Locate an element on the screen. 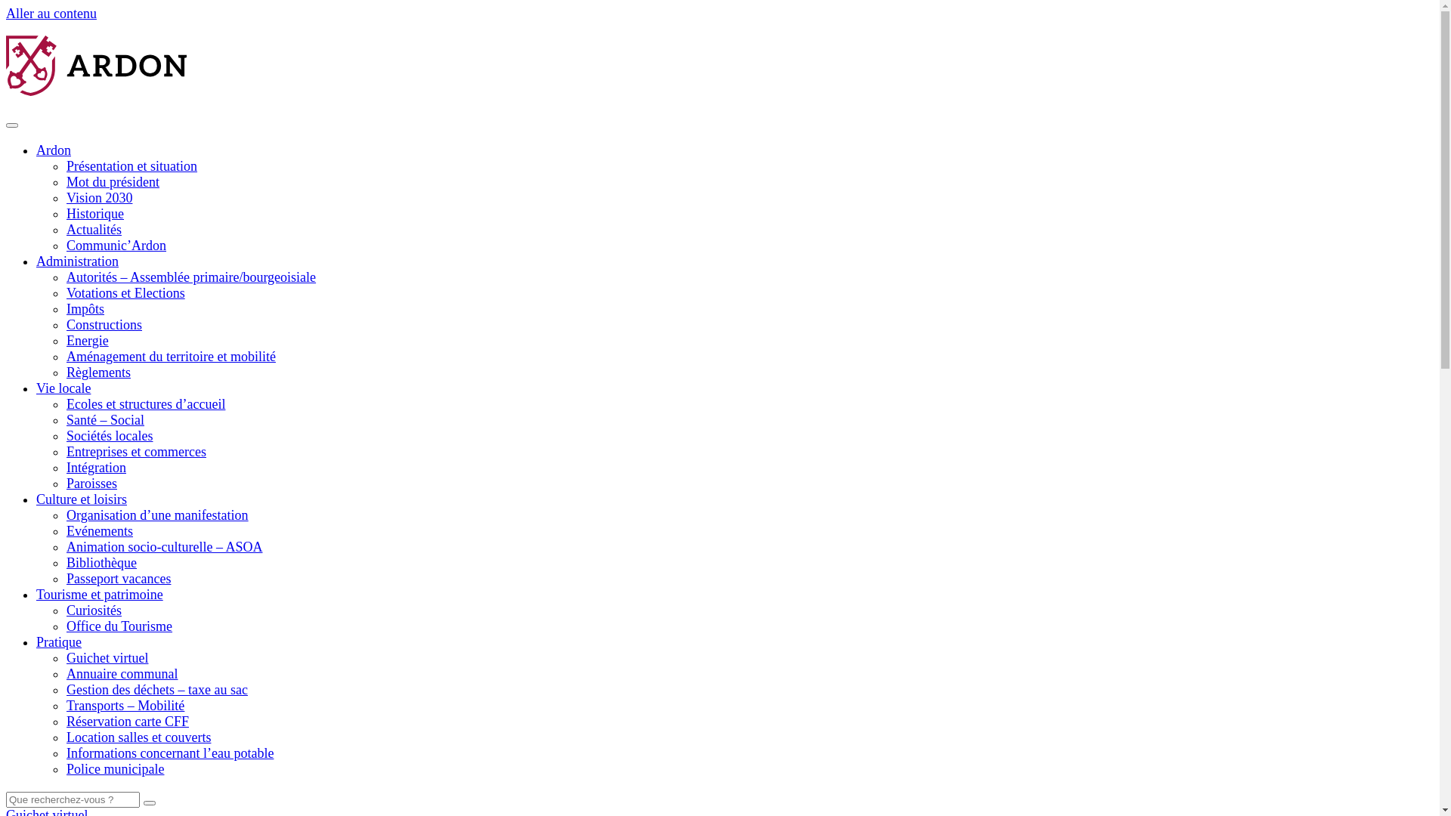 The image size is (1451, 816). 'Historique' is located at coordinates (94, 213).